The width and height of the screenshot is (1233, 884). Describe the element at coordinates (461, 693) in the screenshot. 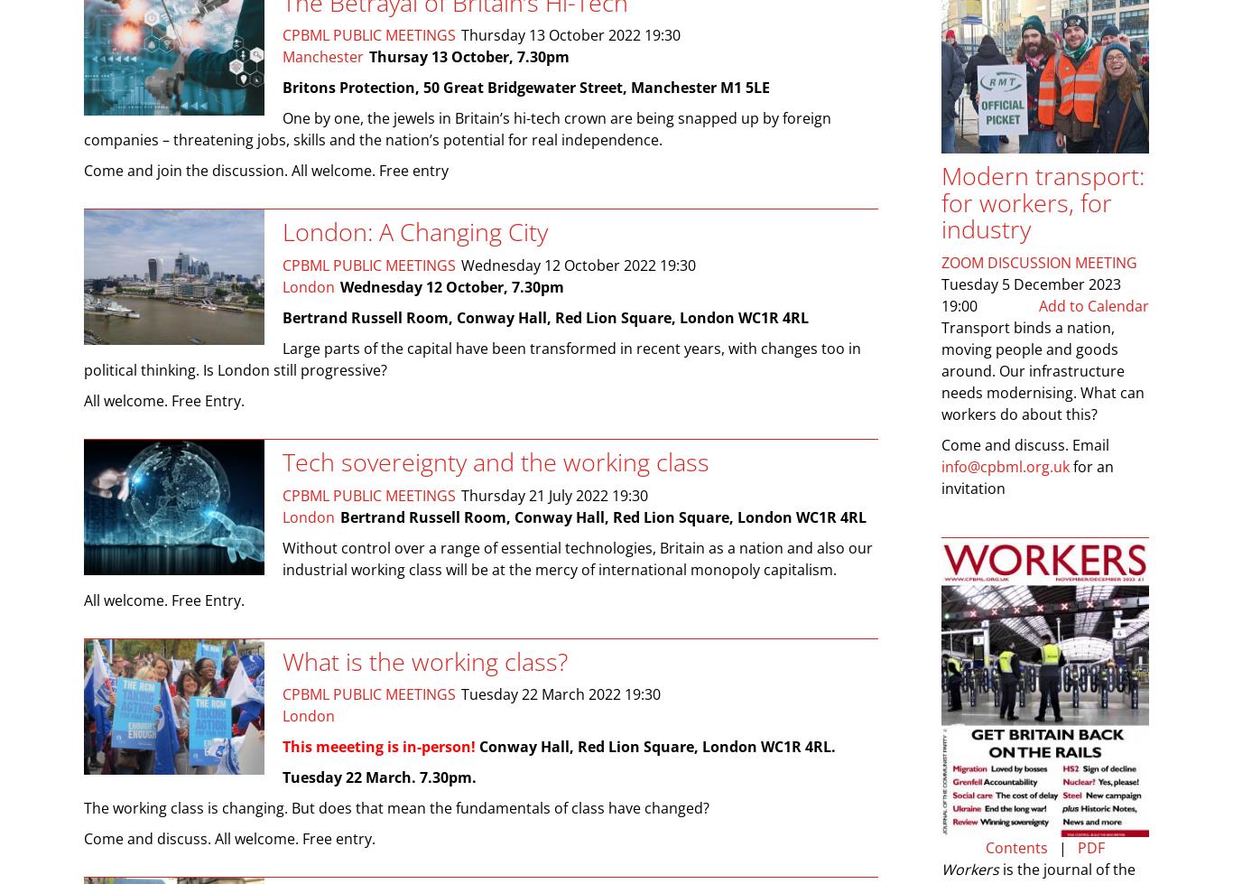

I see `'Tuesday 22 March 2022 19:30'` at that location.